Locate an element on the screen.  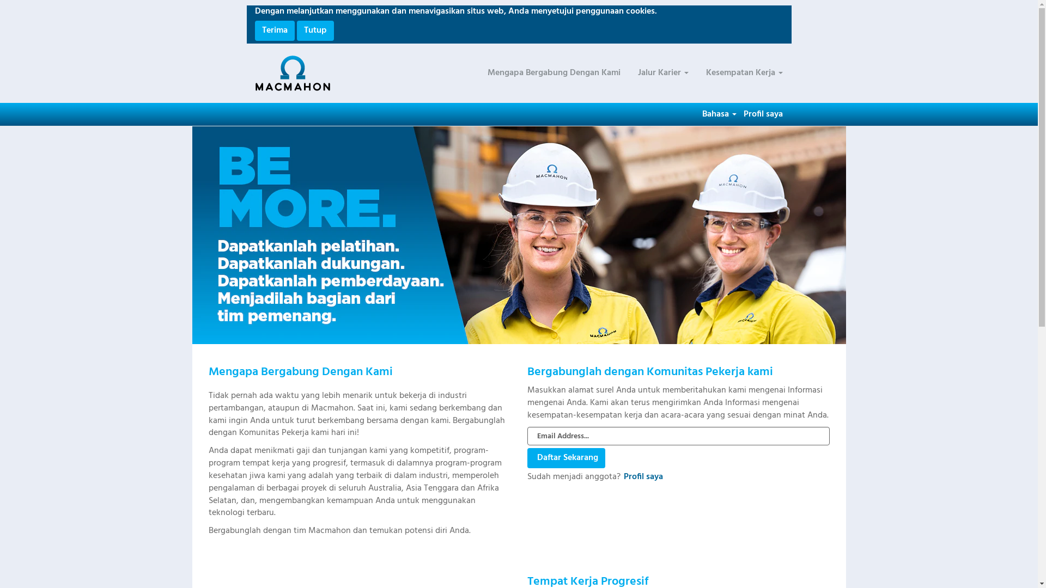
'Kesempatan Kerja' is located at coordinates (743, 73).